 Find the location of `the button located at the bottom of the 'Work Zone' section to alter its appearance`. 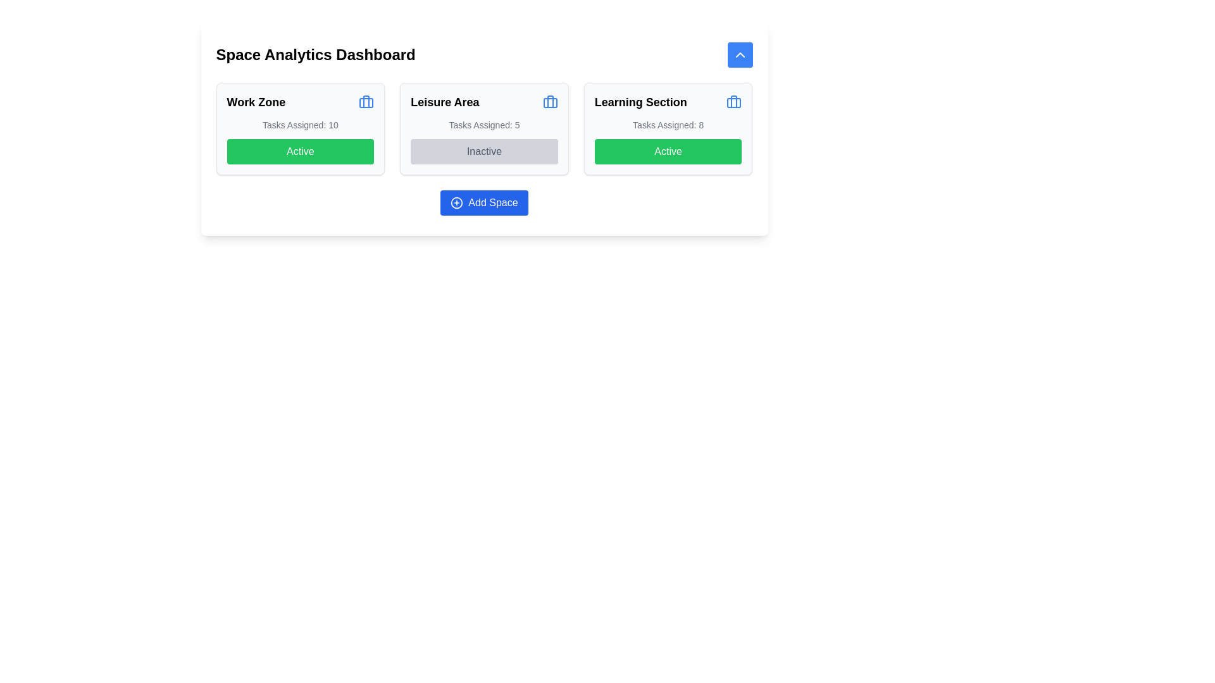

the button located at the bottom of the 'Work Zone' section to alter its appearance is located at coordinates (299, 151).